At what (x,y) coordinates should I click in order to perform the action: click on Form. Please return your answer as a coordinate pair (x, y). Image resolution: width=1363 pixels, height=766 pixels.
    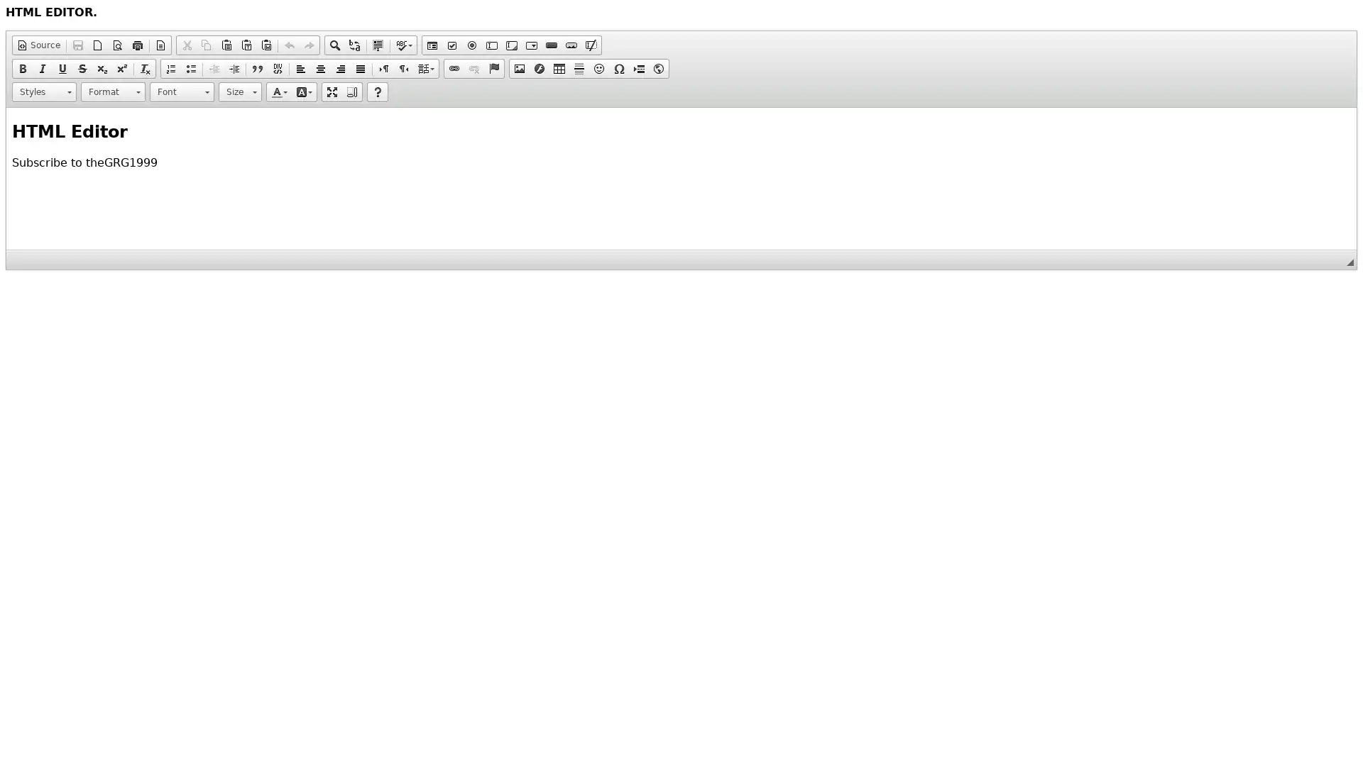
    Looking at the image, I should click on (432, 45).